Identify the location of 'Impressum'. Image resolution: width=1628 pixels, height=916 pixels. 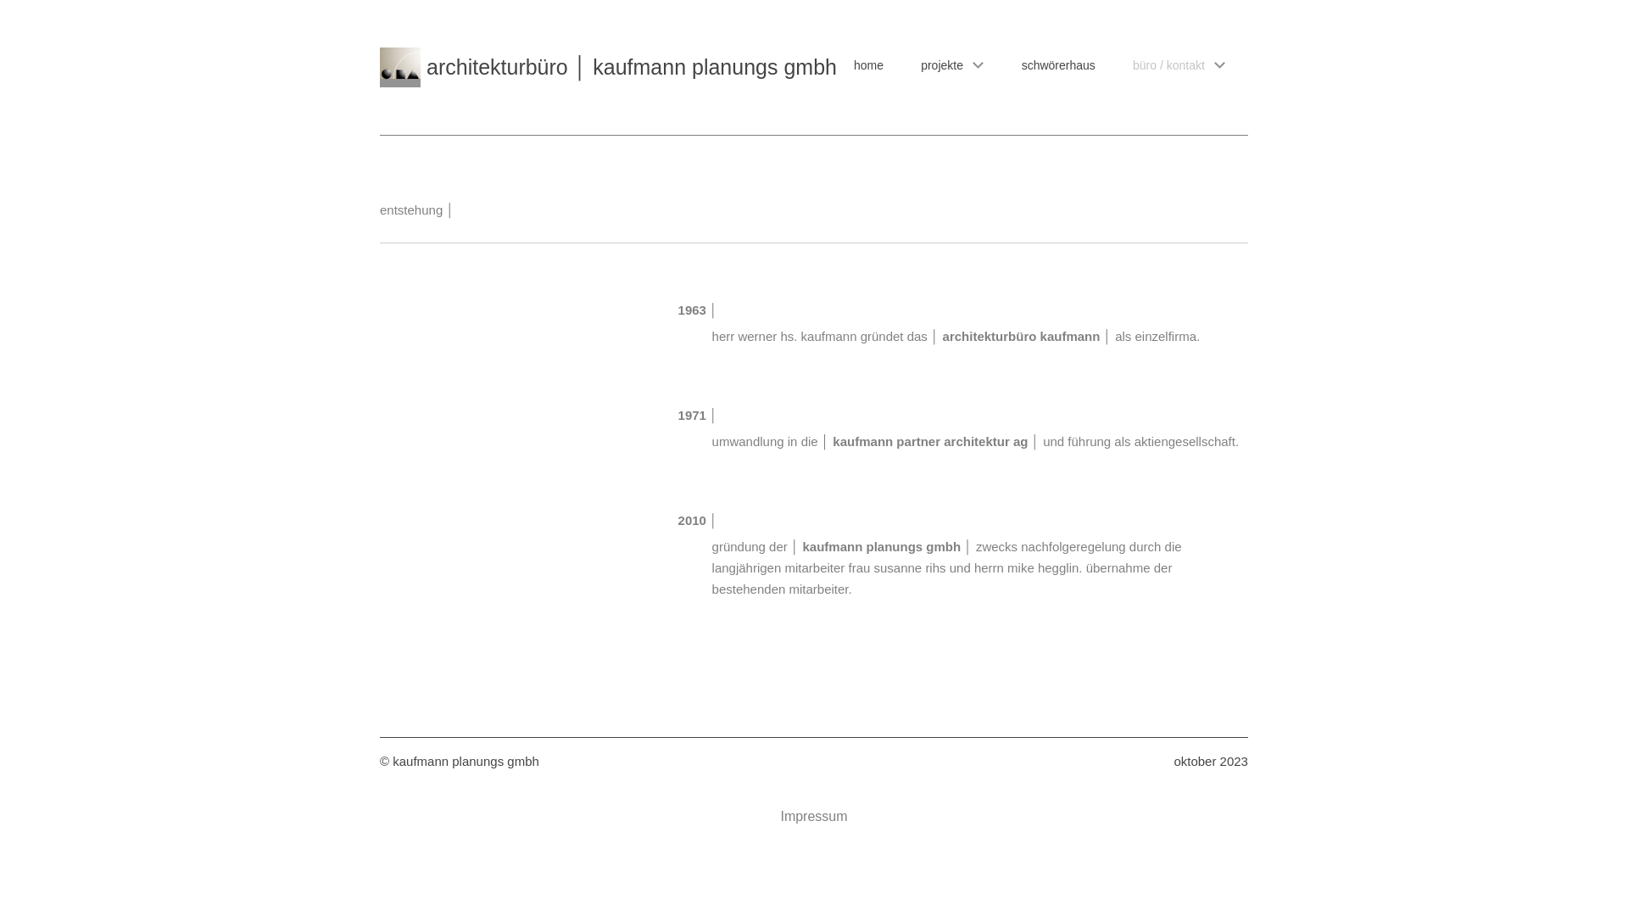
(812, 816).